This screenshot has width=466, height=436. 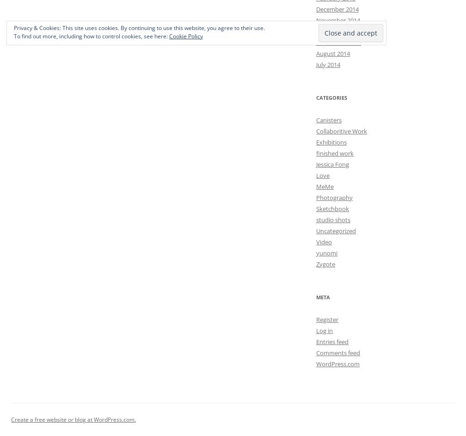 What do you see at coordinates (338, 363) in the screenshot?
I see `'WordPress.com'` at bounding box center [338, 363].